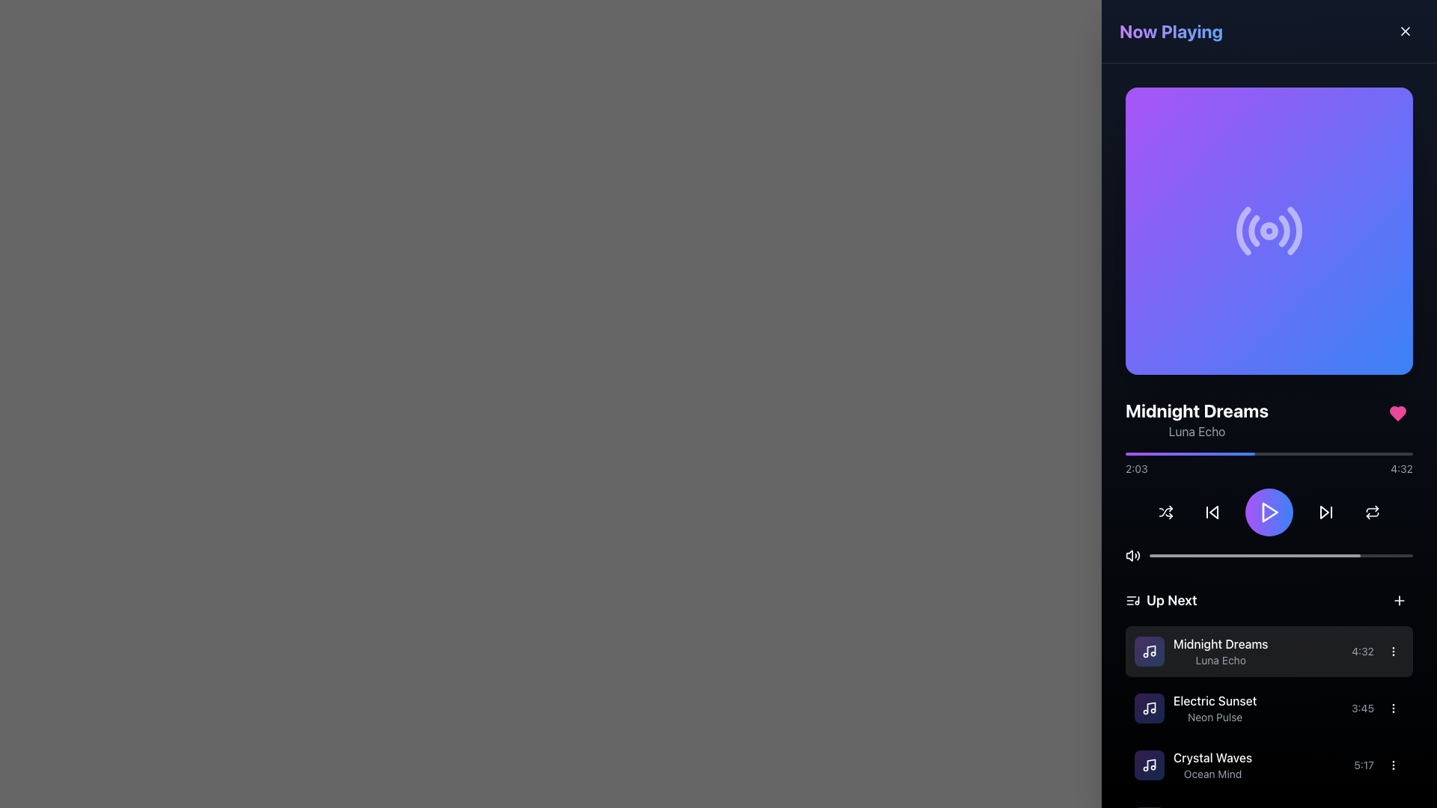  Describe the element at coordinates (1397, 413) in the screenshot. I see `the heart icon in the top-right corner of the song details section to favorite or unfavorite the song 'Midnight Dreams - Luna Echo'` at that location.